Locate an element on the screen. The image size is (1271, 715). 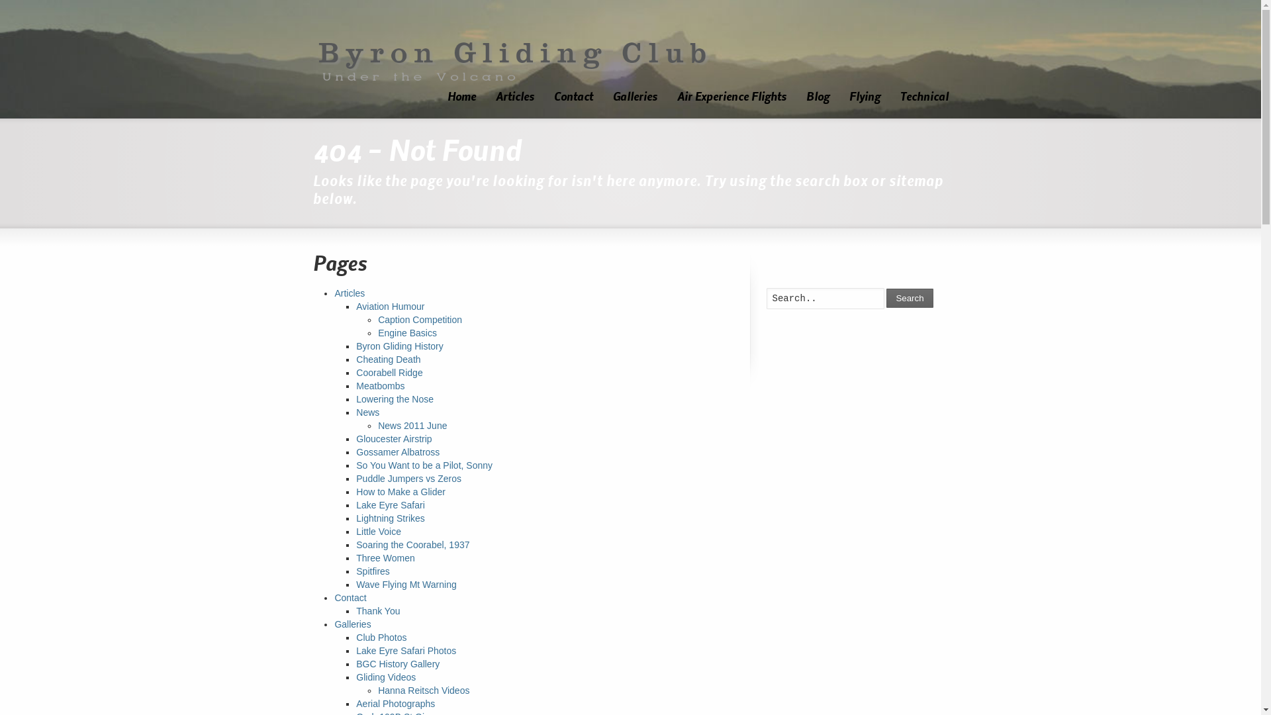
'Lake Eyre Safari' is located at coordinates (355, 505).